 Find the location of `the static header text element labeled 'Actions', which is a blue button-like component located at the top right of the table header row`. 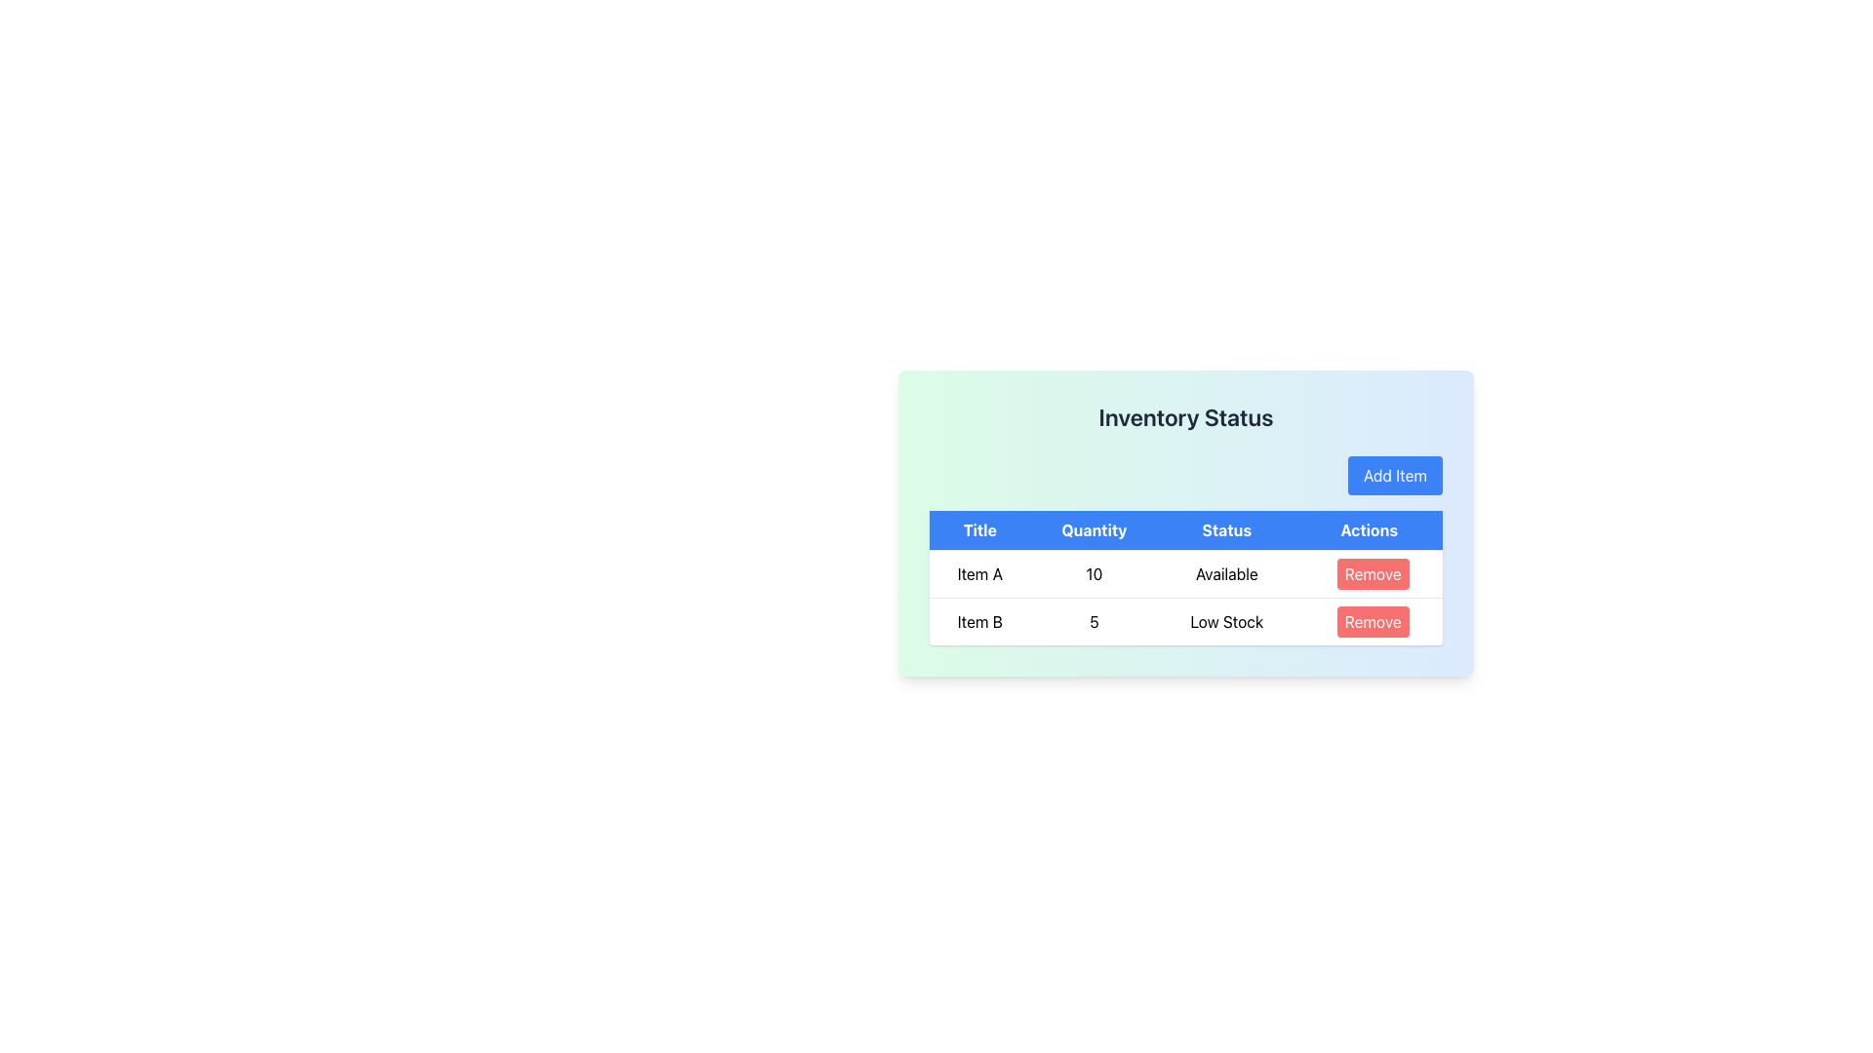

the static header text element labeled 'Actions', which is a blue button-like component located at the top right of the table header row is located at coordinates (1368, 530).